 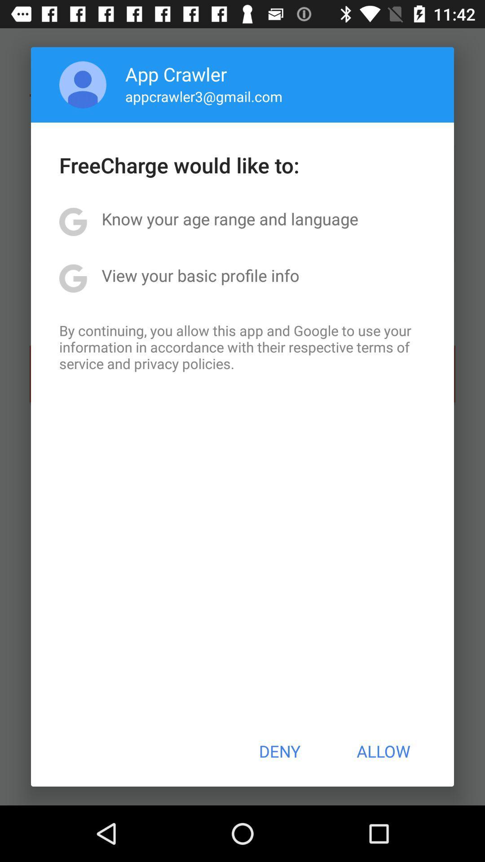 I want to click on the app below the app crawler item, so click(x=204, y=96).